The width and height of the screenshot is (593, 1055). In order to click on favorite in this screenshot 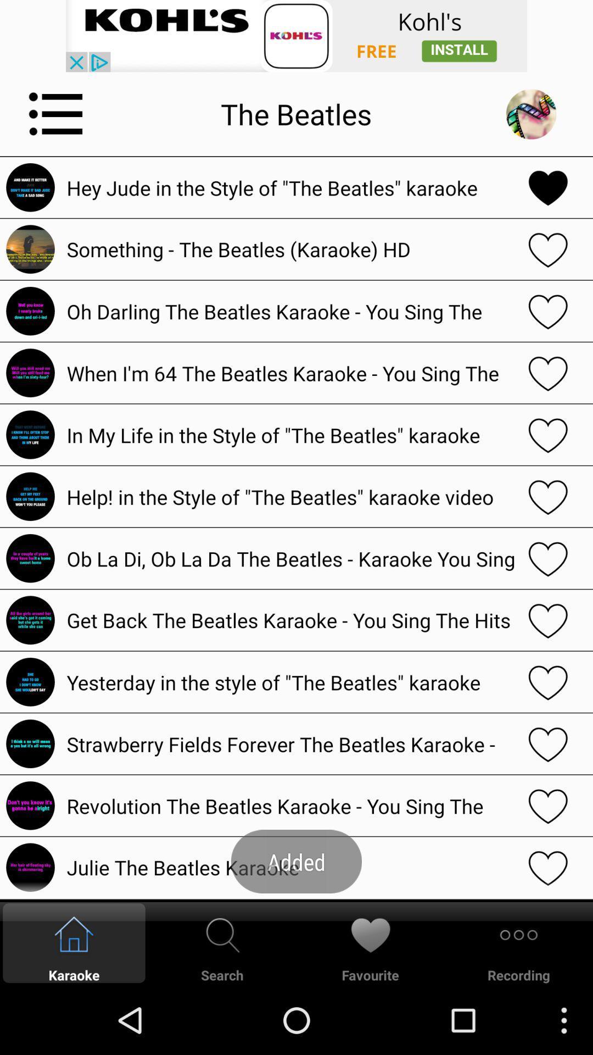, I will do `click(548, 248)`.